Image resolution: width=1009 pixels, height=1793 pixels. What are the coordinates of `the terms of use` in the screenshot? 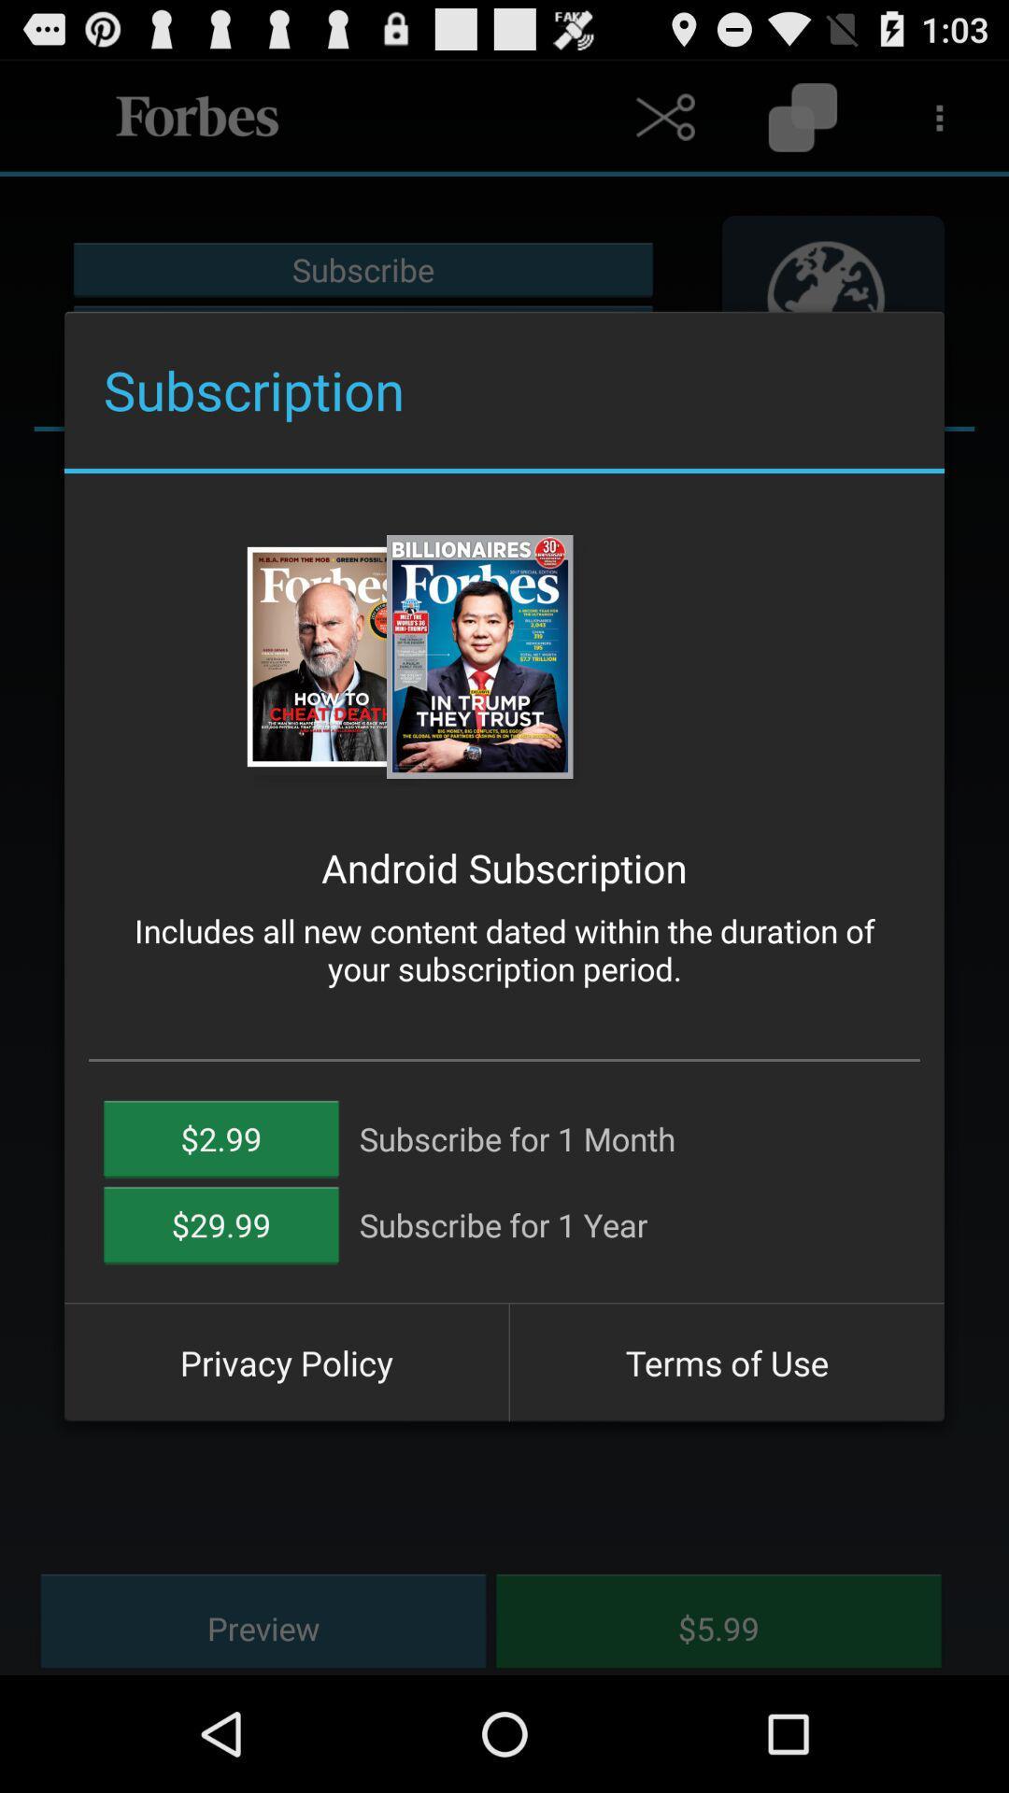 It's located at (726, 1362).